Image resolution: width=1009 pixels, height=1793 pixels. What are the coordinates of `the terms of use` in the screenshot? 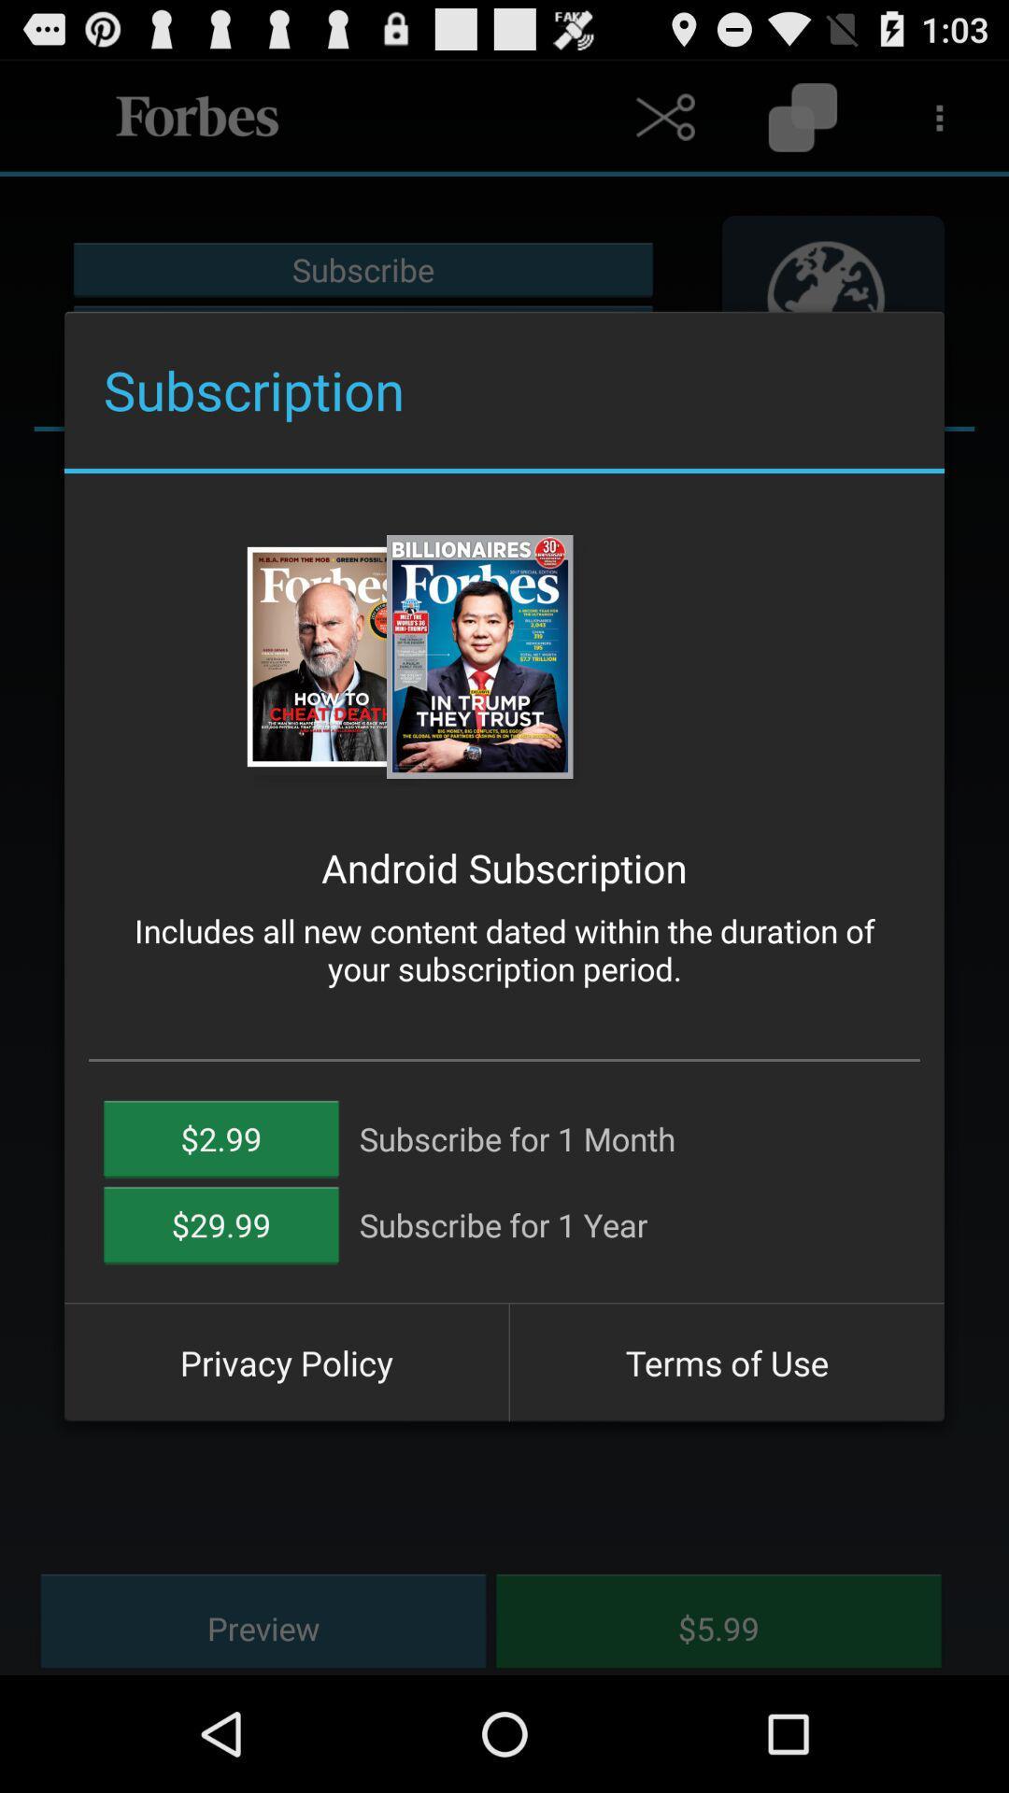 It's located at (726, 1362).